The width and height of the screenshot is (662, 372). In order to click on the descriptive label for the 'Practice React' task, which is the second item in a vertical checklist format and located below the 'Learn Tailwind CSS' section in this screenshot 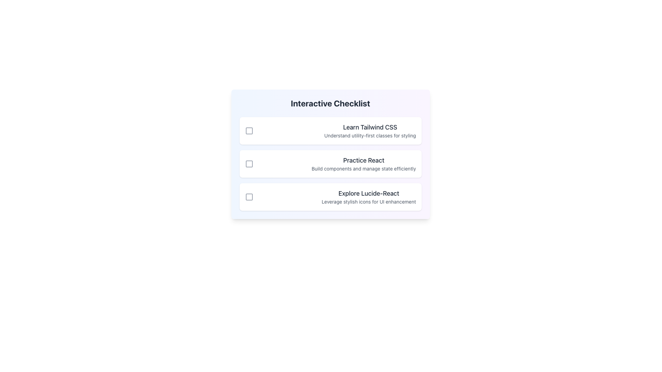, I will do `click(363, 164)`.